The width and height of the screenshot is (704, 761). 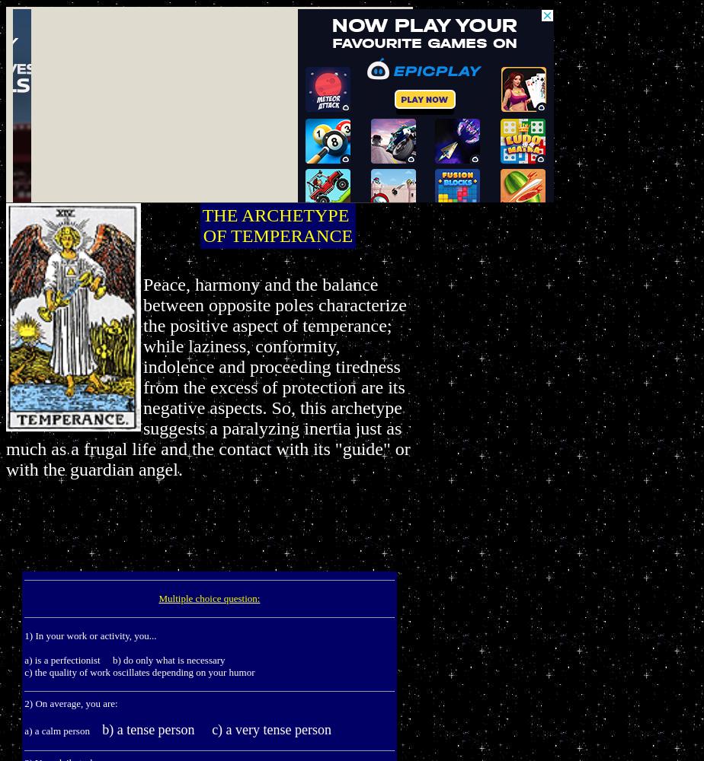 I want to click on 'a) is a perfectionist', so click(x=24, y=659).